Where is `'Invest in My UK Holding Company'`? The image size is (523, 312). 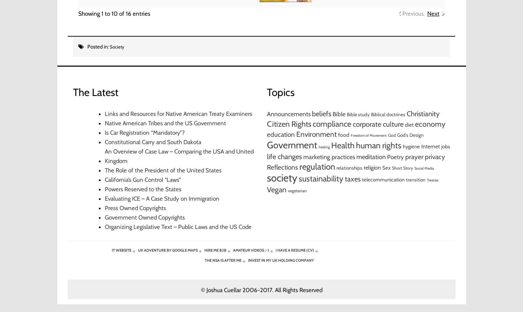 'Invest in My UK Holding Company' is located at coordinates (281, 260).